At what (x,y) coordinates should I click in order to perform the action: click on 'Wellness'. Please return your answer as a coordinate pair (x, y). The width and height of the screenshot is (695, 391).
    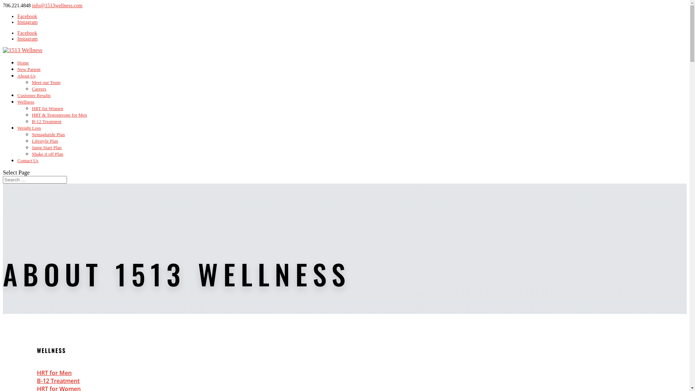
    Looking at the image, I should click on (17, 102).